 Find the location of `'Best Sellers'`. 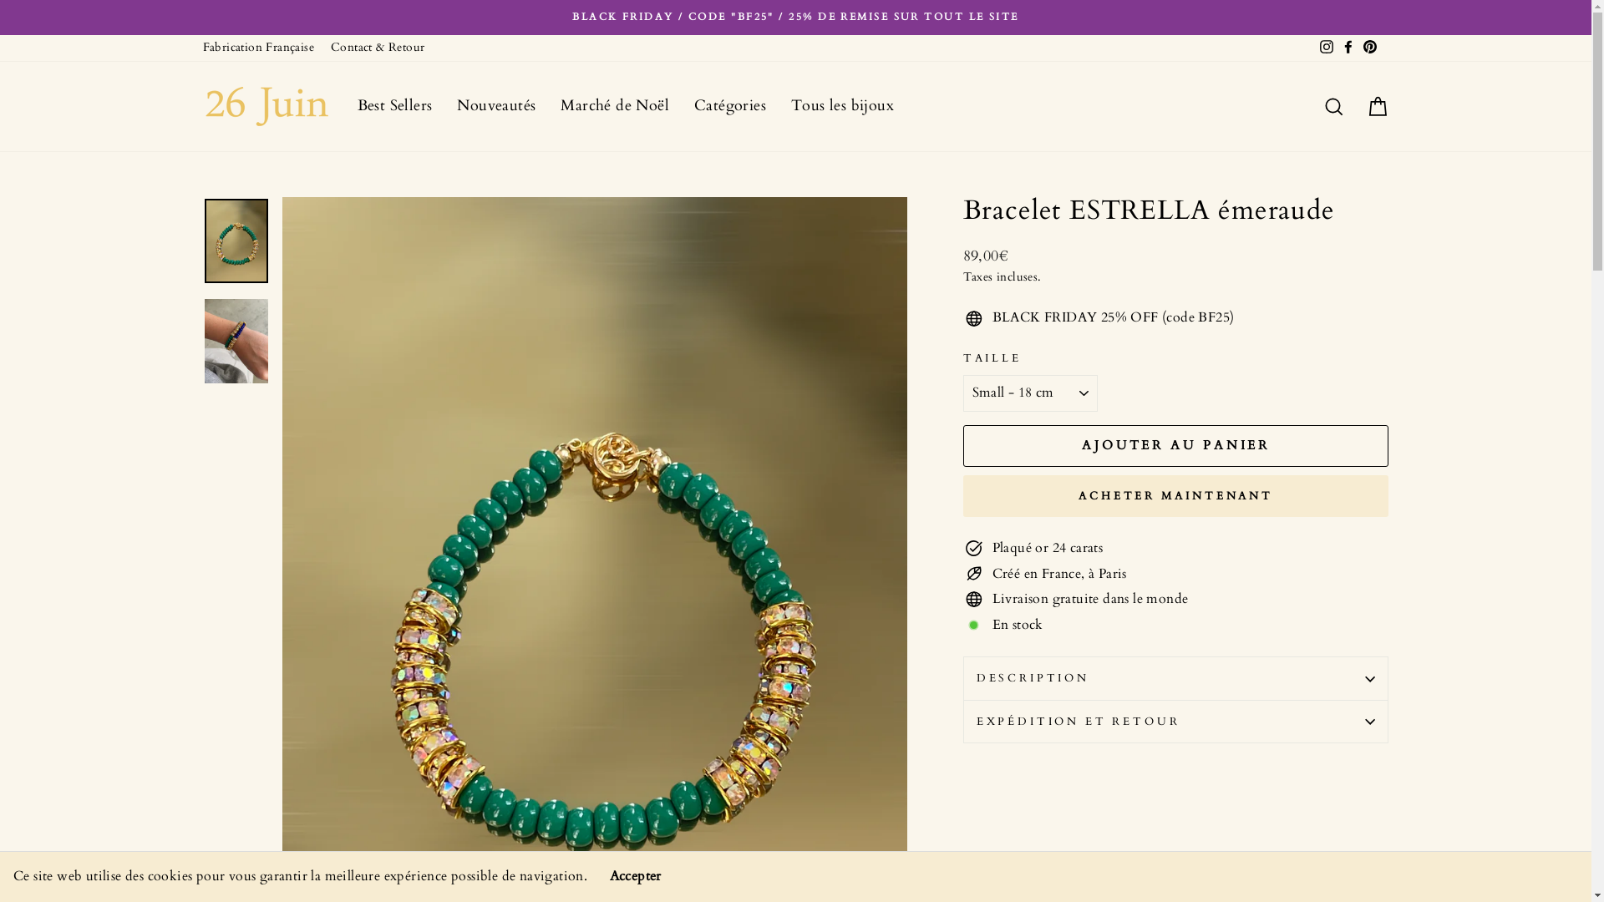

'Best Sellers' is located at coordinates (343, 106).